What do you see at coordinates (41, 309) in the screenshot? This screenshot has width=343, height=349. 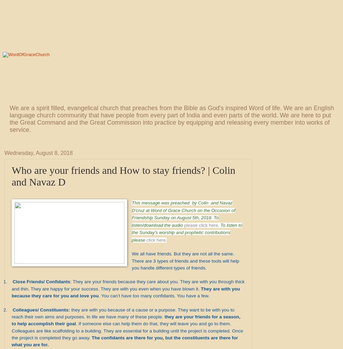 I see `'Colleagues/ Constituents:'` at bounding box center [41, 309].